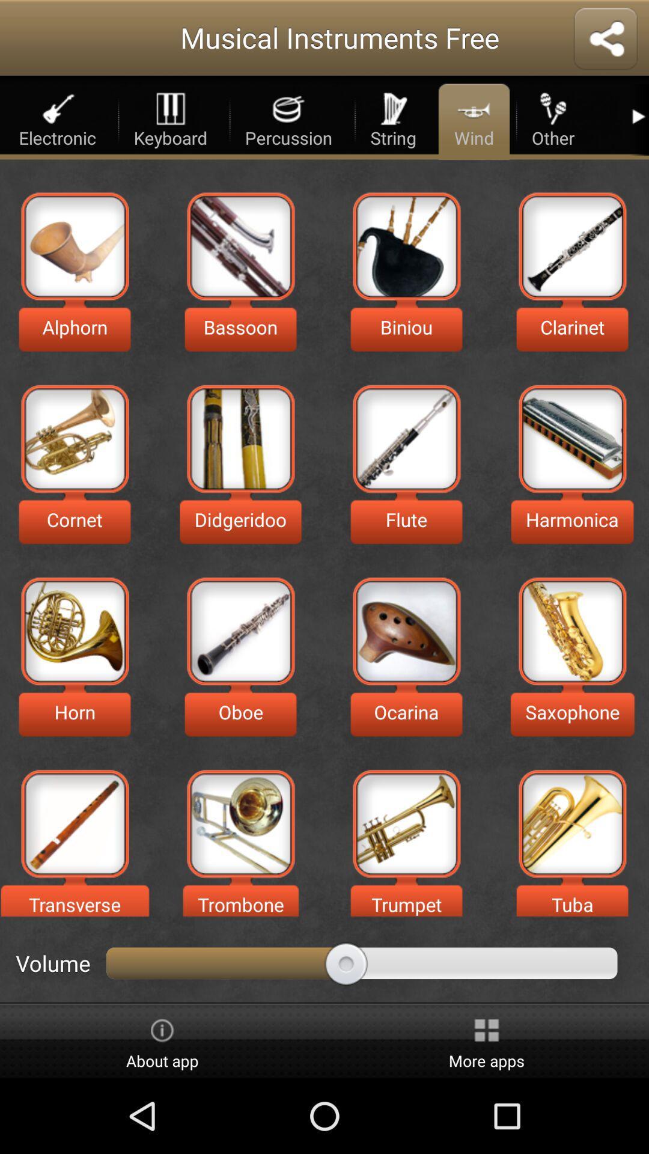  Describe the element at coordinates (240, 823) in the screenshot. I see `choose the selection` at that location.